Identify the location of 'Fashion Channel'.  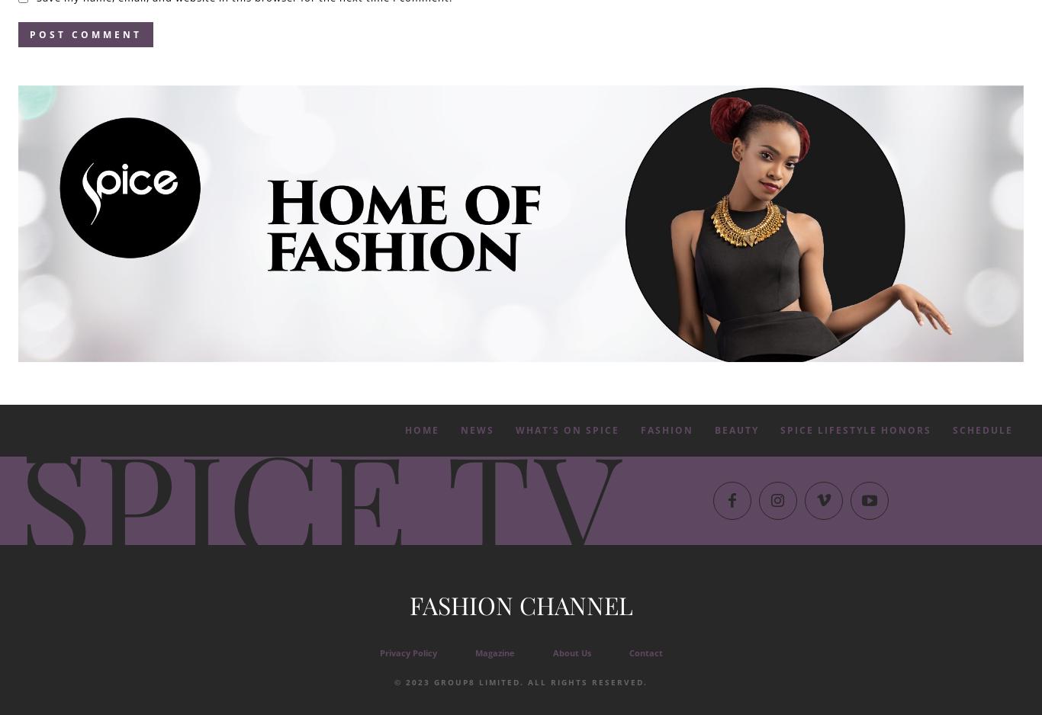
(519, 603).